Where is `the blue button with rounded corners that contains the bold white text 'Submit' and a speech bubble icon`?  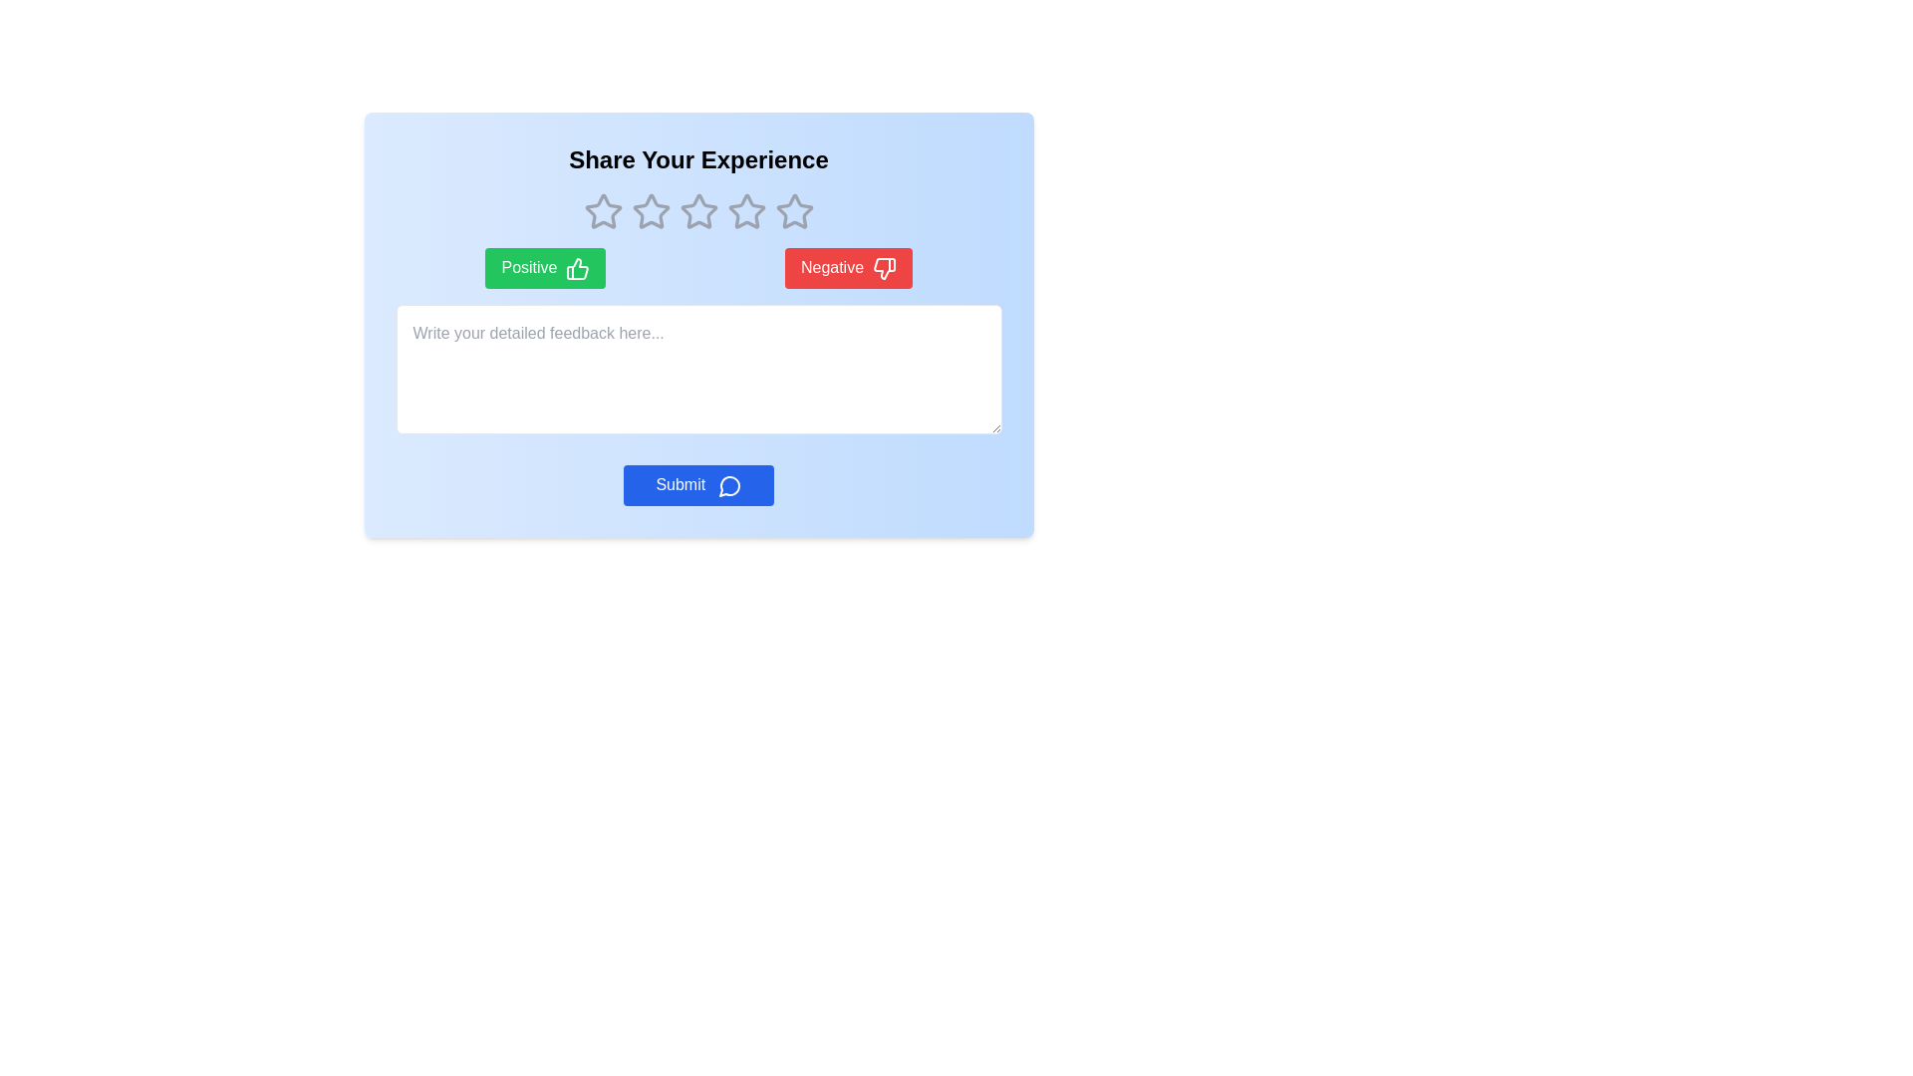
the blue button with rounded corners that contains the bold white text 'Submit' and a speech bubble icon is located at coordinates (698, 485).